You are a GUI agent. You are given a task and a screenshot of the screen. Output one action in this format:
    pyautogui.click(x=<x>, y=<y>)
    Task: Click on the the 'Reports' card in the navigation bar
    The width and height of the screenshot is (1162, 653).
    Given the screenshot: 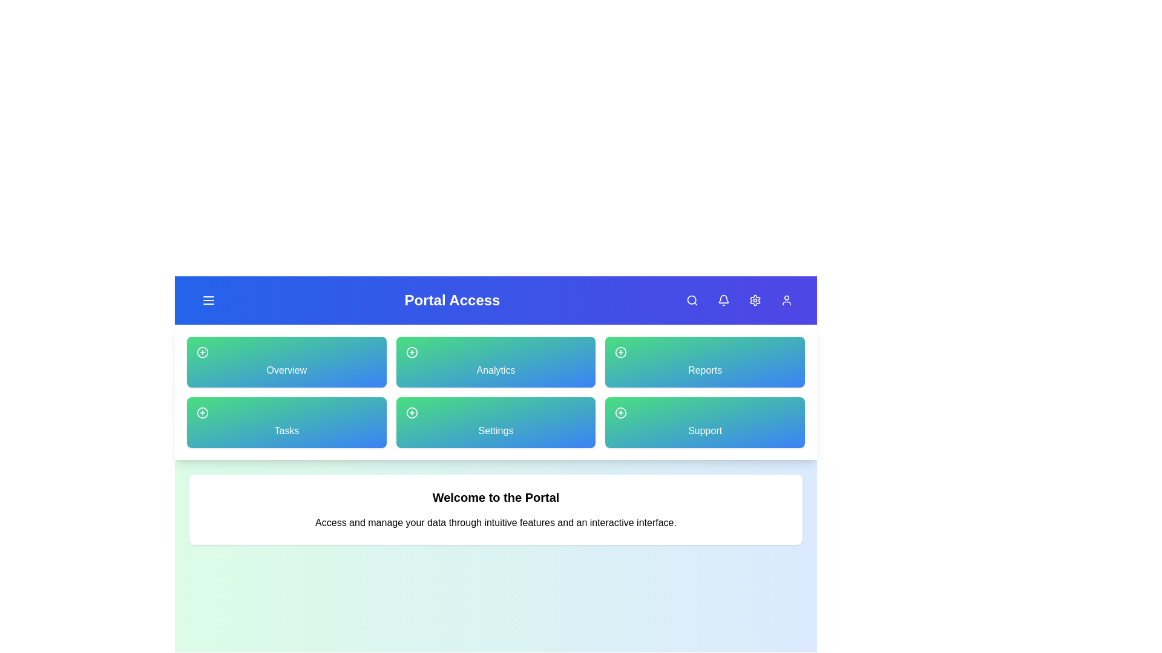 What is the action you would take?
    pyautogui.click(x=705, y=361)
    